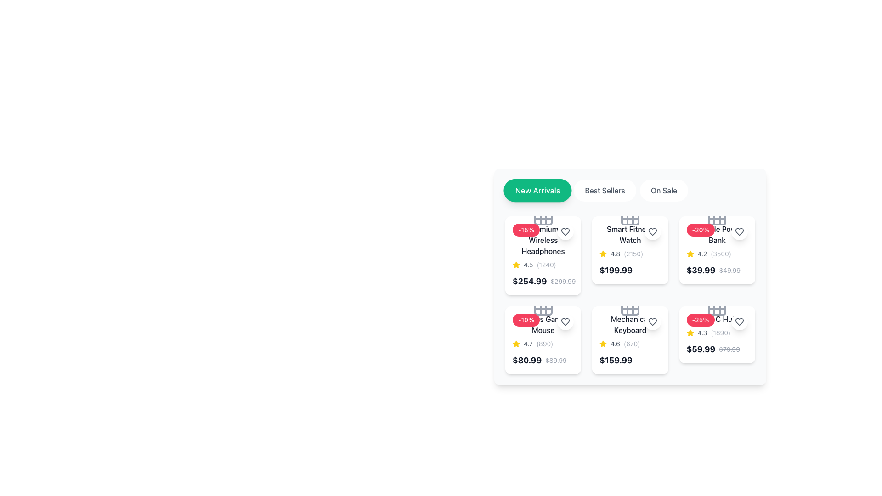 This screenshot has width=882, height=496. I want to click on text value displayed in the price label located at the bottom of the third card in the first row of the product grid, so click(630, 270).